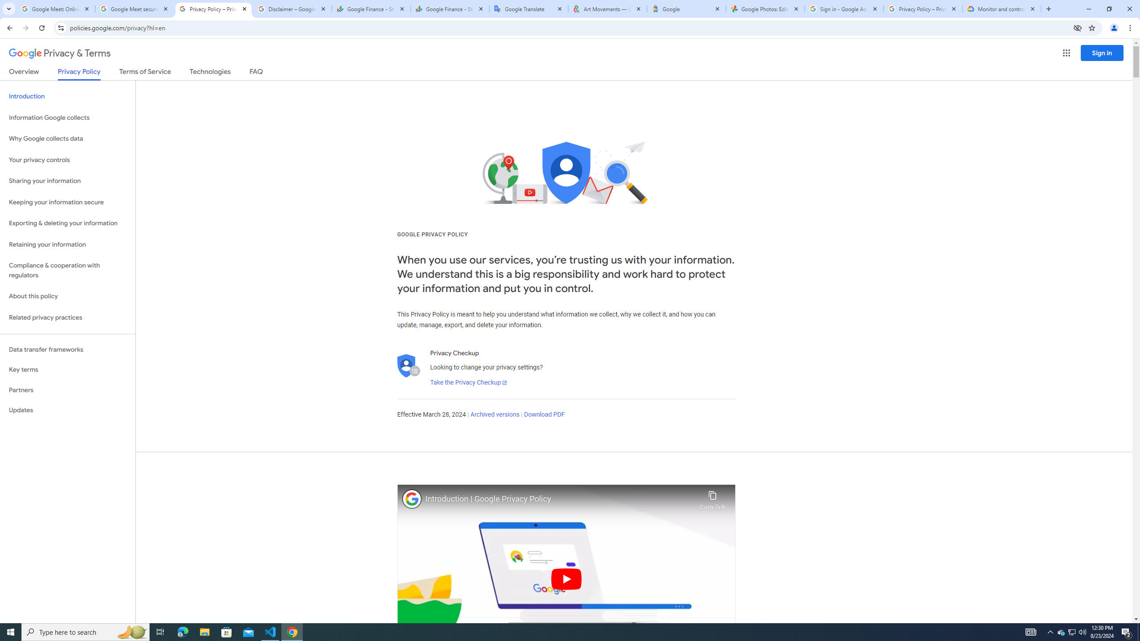 The image size is (1140, 641). What do you see at coordinates (686, 8) in the screenshot?
I see `'Google'` at bounding box center [686, 8].